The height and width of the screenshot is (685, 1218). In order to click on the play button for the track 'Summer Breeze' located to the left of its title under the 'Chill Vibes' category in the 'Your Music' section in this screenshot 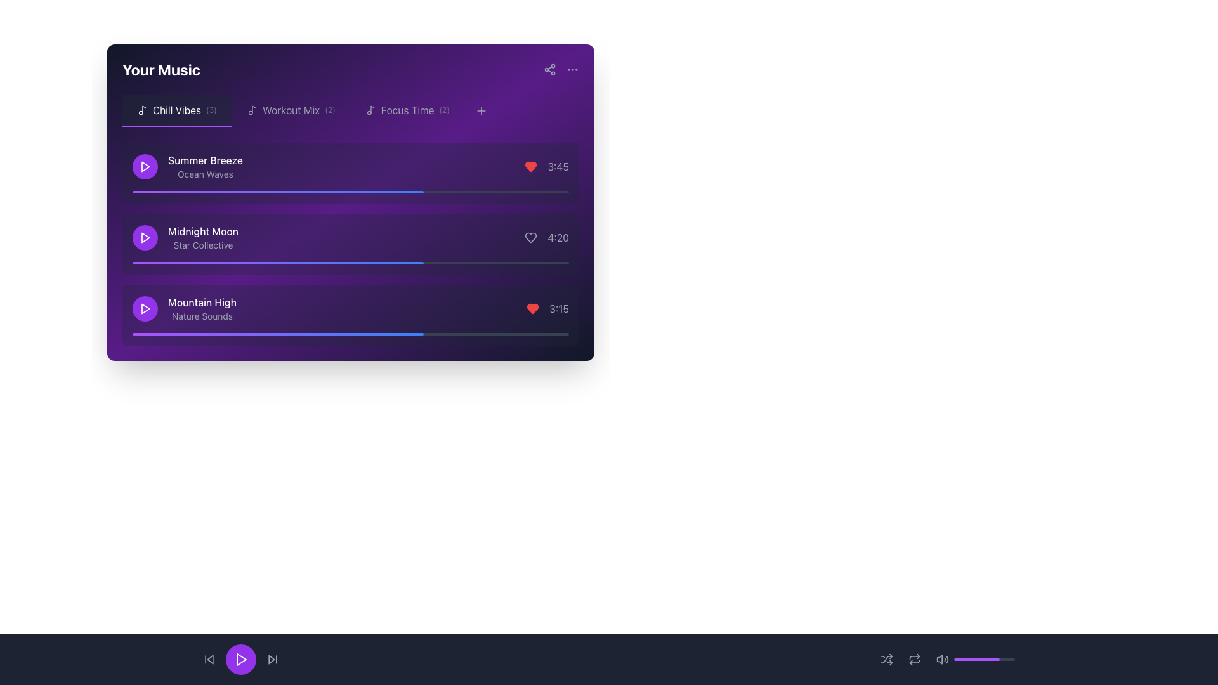, I will do `click(145, 166)`.